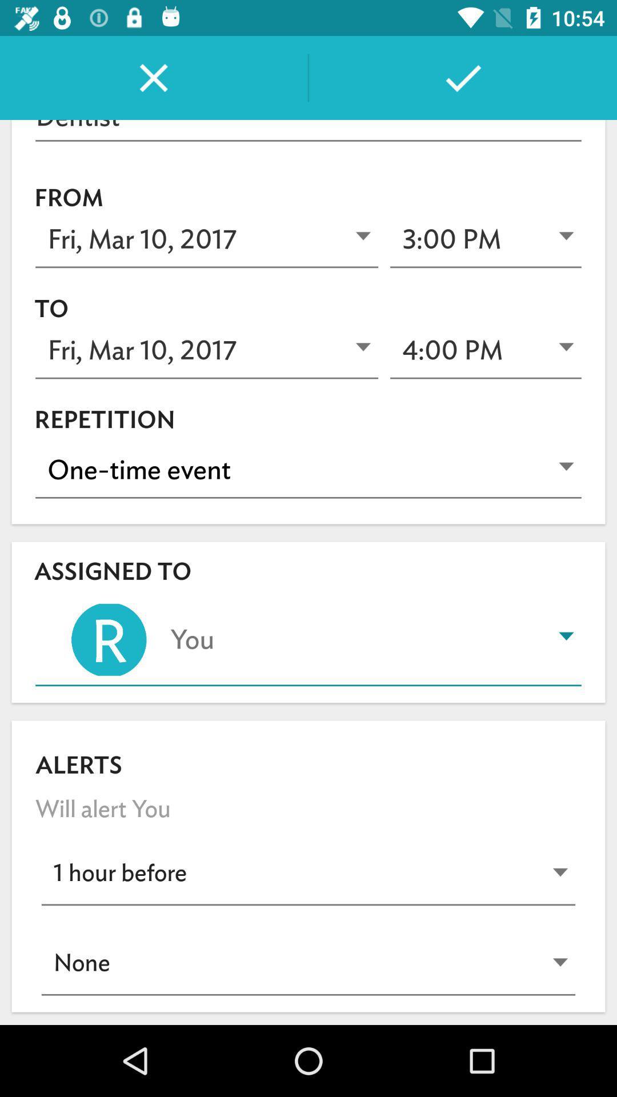  What do you see at coordinates (463, 77) in the screenshot?
I see `the button which is top right of the page` at bounding box center [463, 77].